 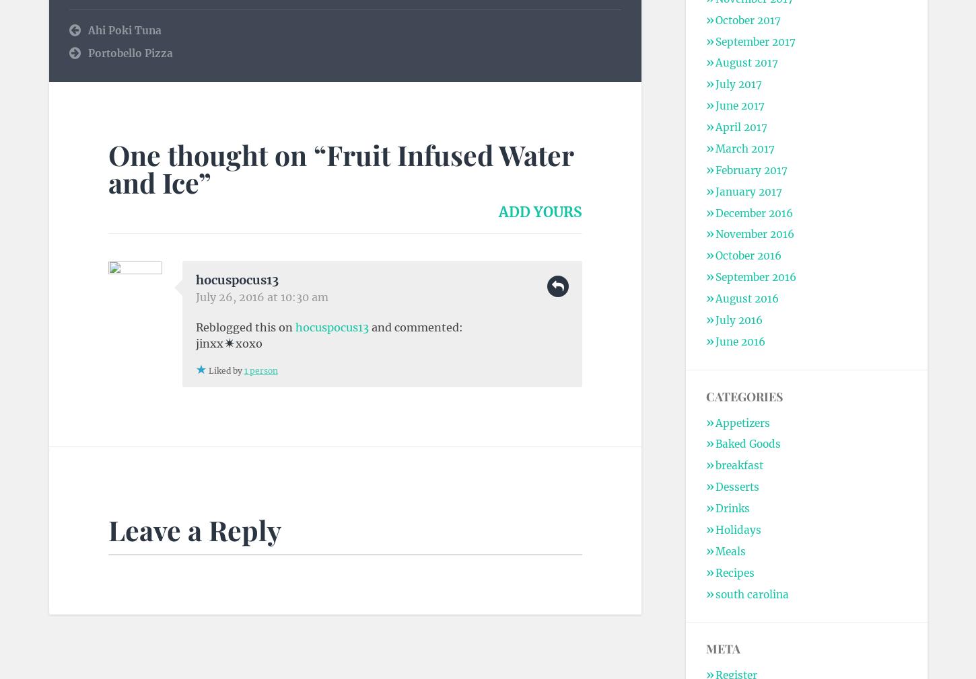 What do you see at coordinates (129, 52) in the screenshot?
I see `'Portobello Pizza'` at bounding box center [129, 52].